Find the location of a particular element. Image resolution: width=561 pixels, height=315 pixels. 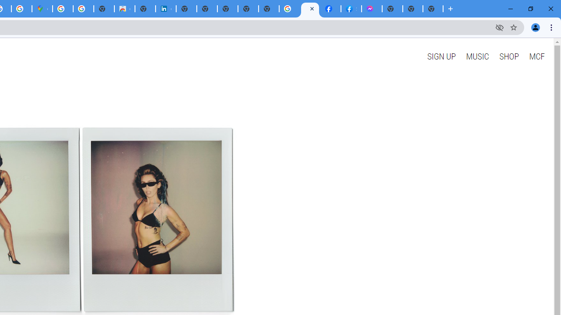

'MCF' is located at coordinates (536, 56).